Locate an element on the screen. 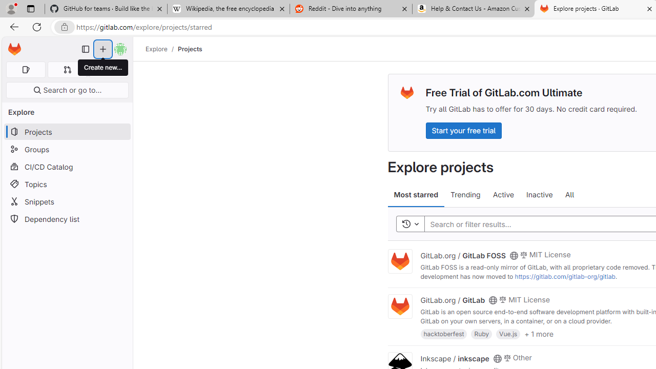 The width and height of the screenshot is (656, 369). 'Create new...' is located at coordinates (103, 49).